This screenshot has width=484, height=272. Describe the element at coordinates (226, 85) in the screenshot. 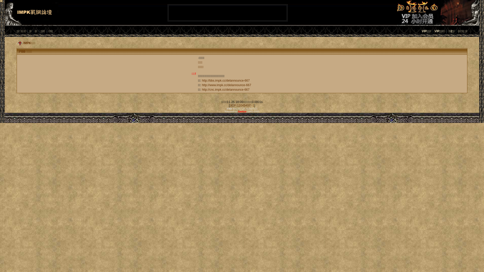

I see `'http://www.impk.cc/delannounce-667'` at that location.